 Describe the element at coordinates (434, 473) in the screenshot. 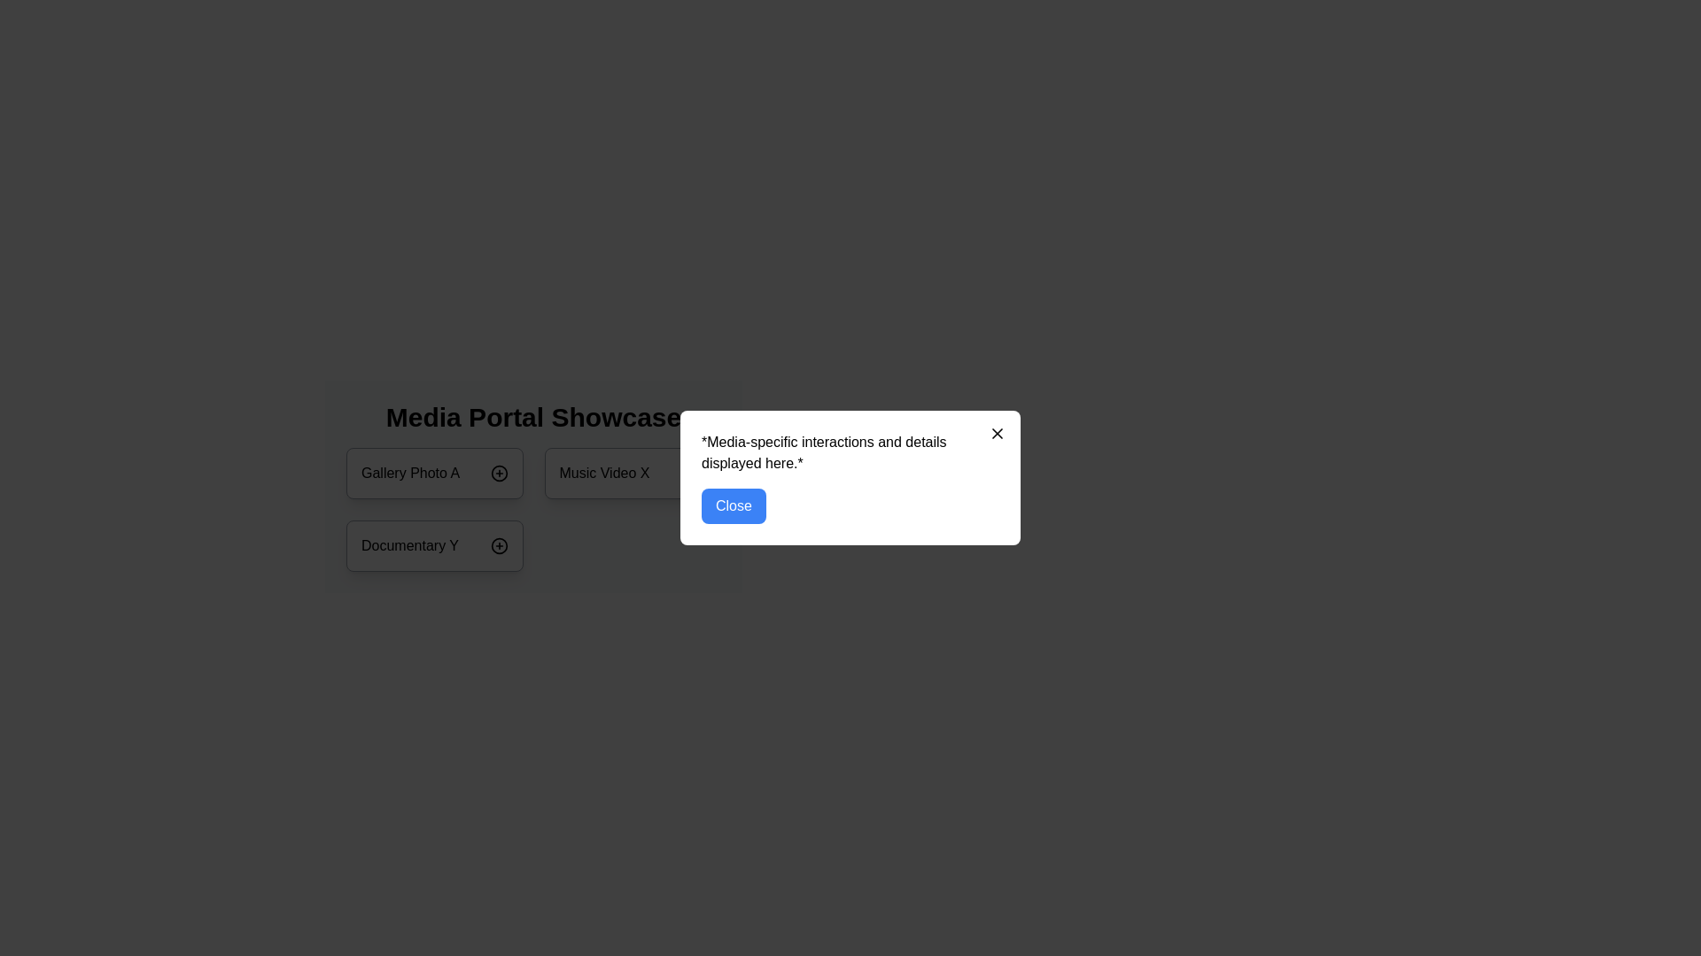

I see `the 'Gallery Photo A' button-like interactive card` at that location.